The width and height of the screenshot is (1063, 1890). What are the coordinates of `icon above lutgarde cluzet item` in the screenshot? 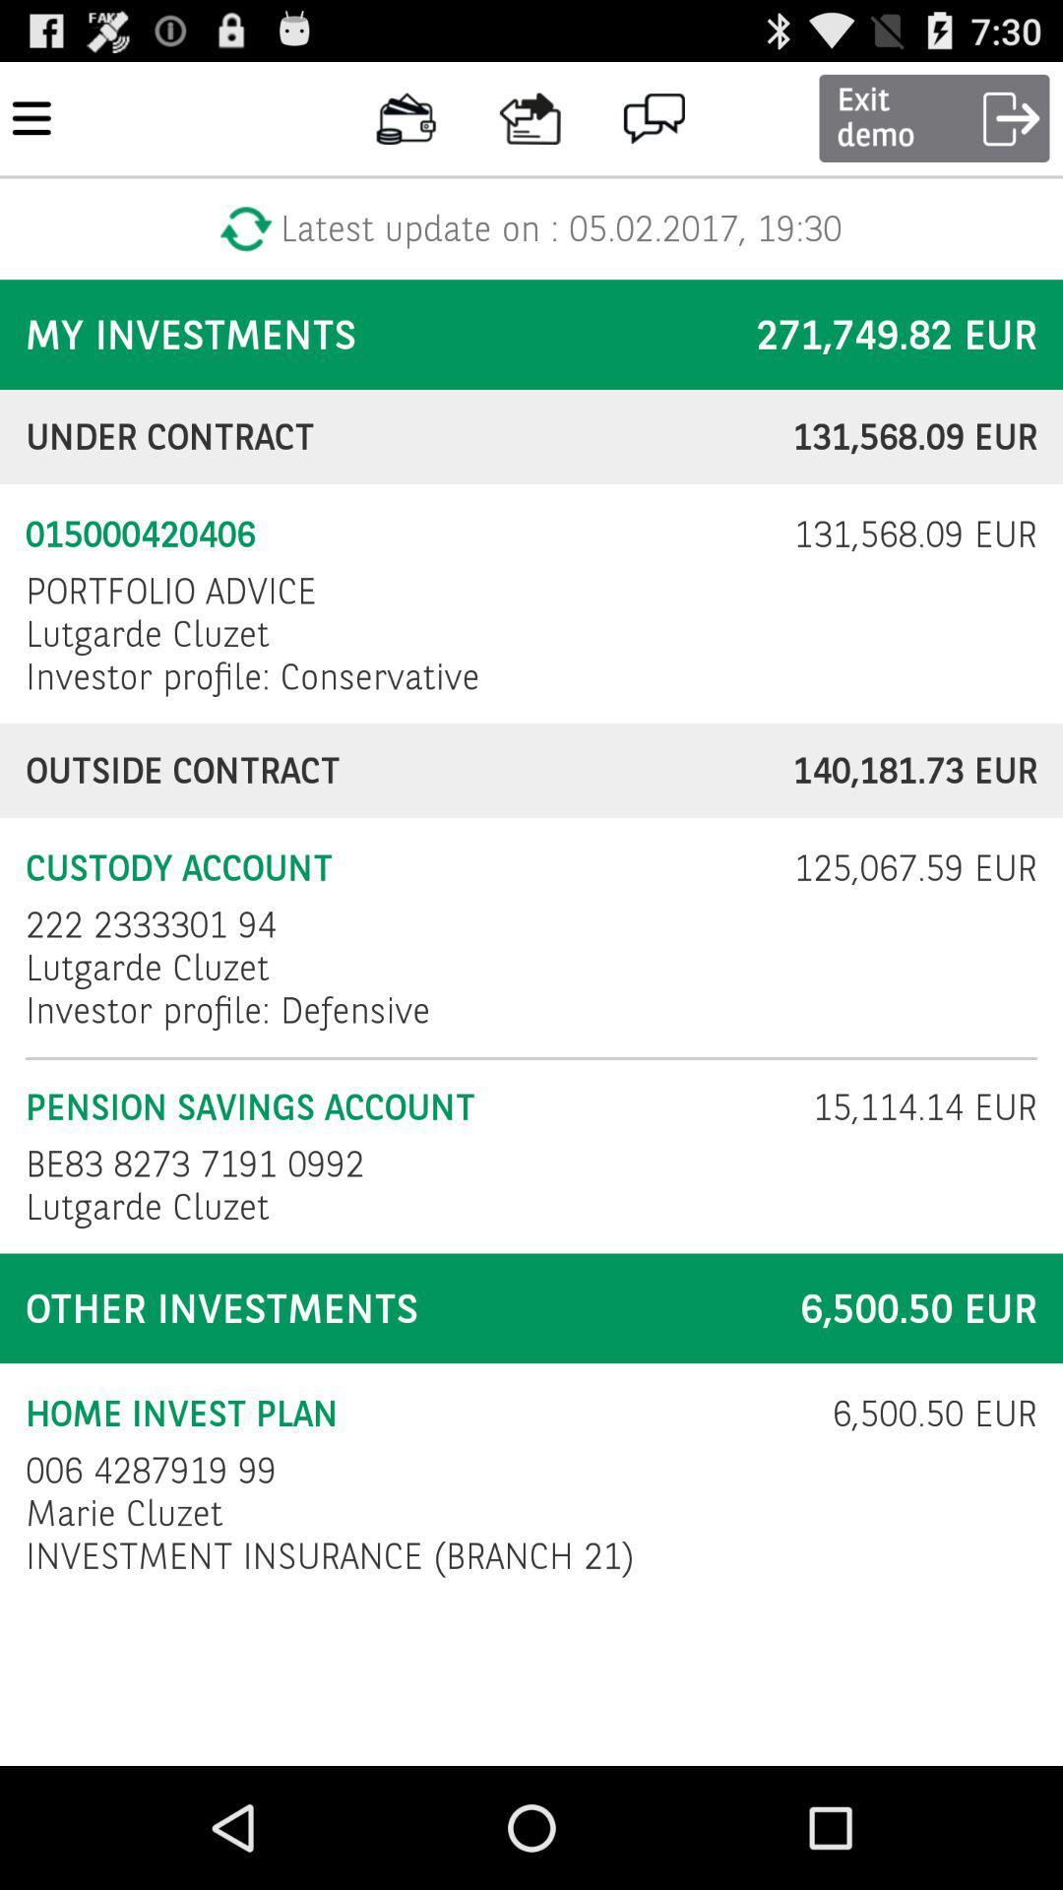 It's located at (169, 590).